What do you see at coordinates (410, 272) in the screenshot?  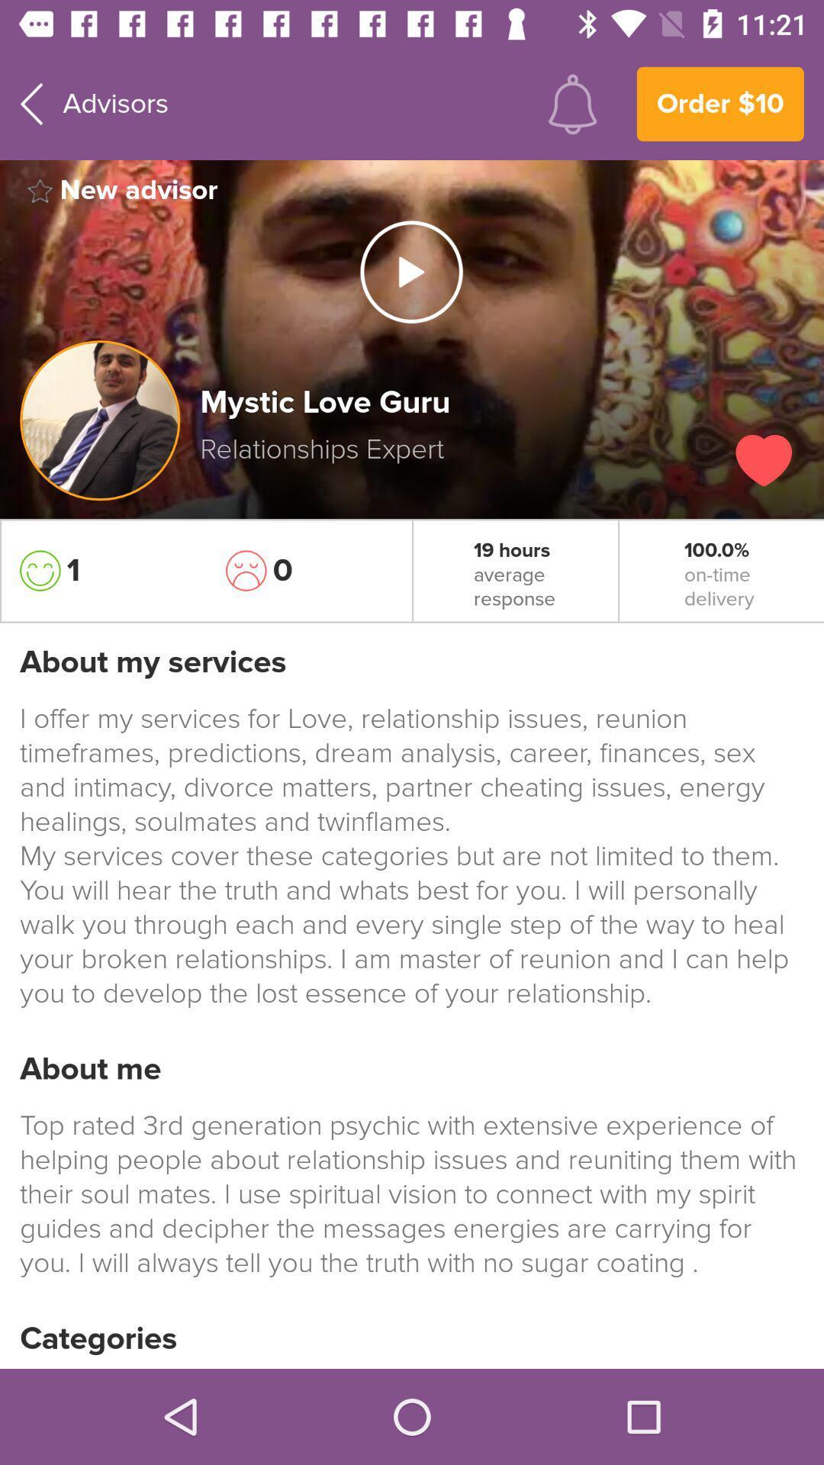 I see `video` at bounding box center [410, 272].